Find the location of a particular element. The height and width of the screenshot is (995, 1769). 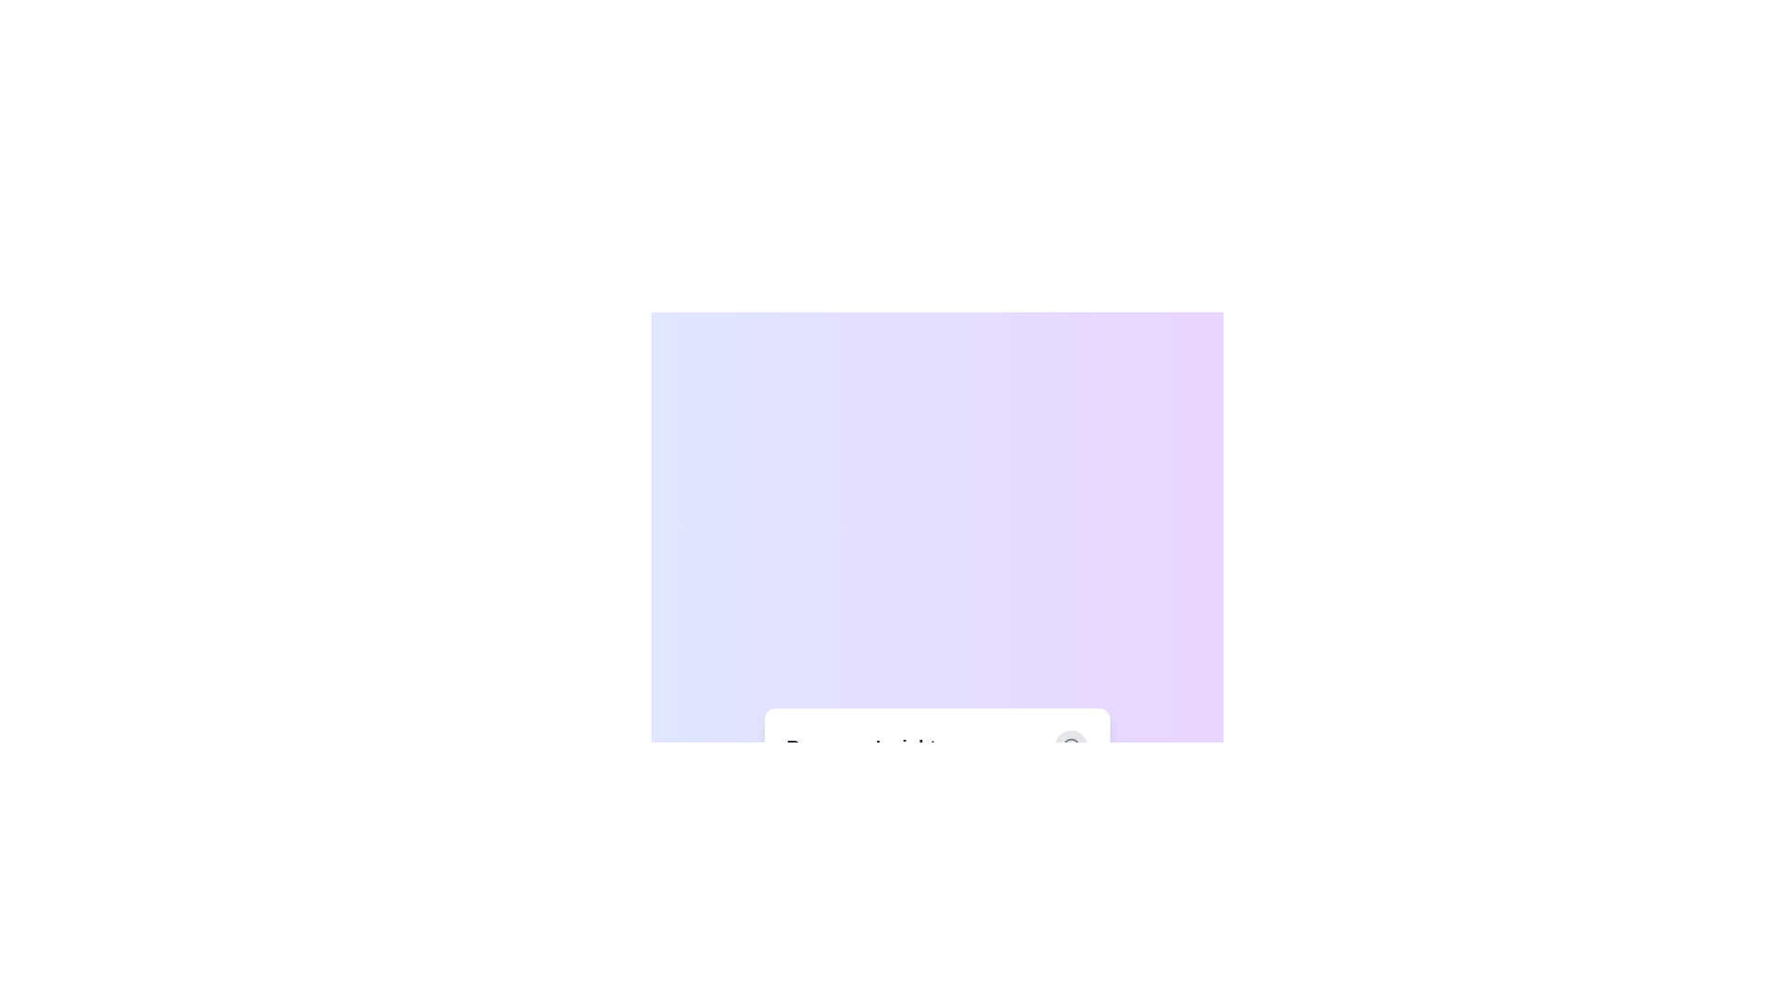

the circular icon button with a light gray background and an 'i' symbol, located at the upper-right part of the white bottom card is located at coordinates (1072, 746).